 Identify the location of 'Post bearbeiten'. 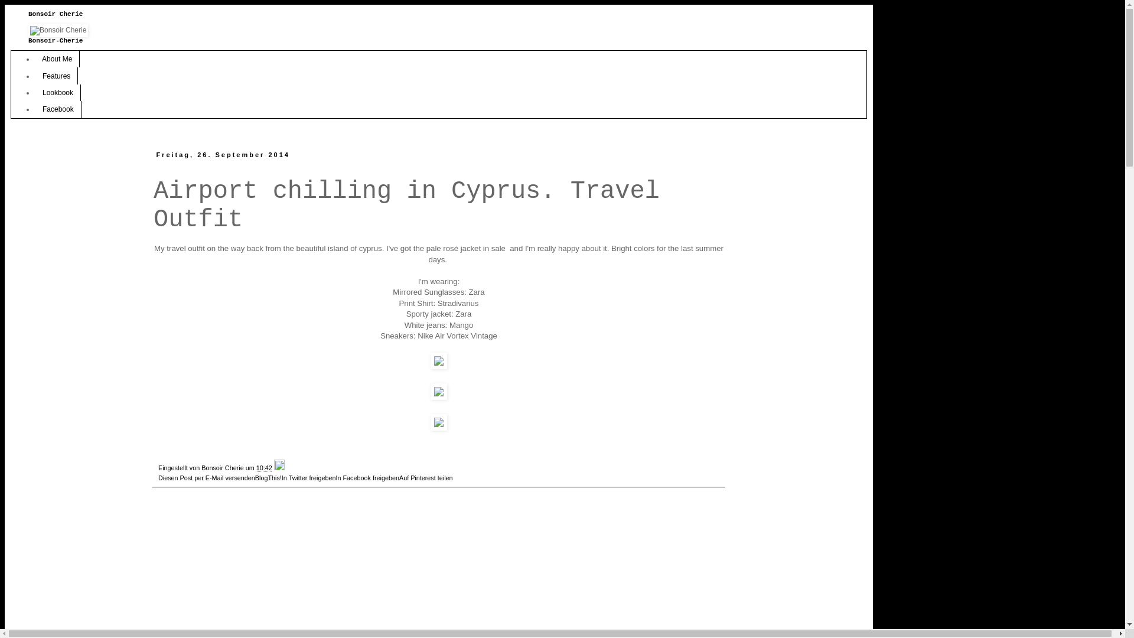
(279, 467).